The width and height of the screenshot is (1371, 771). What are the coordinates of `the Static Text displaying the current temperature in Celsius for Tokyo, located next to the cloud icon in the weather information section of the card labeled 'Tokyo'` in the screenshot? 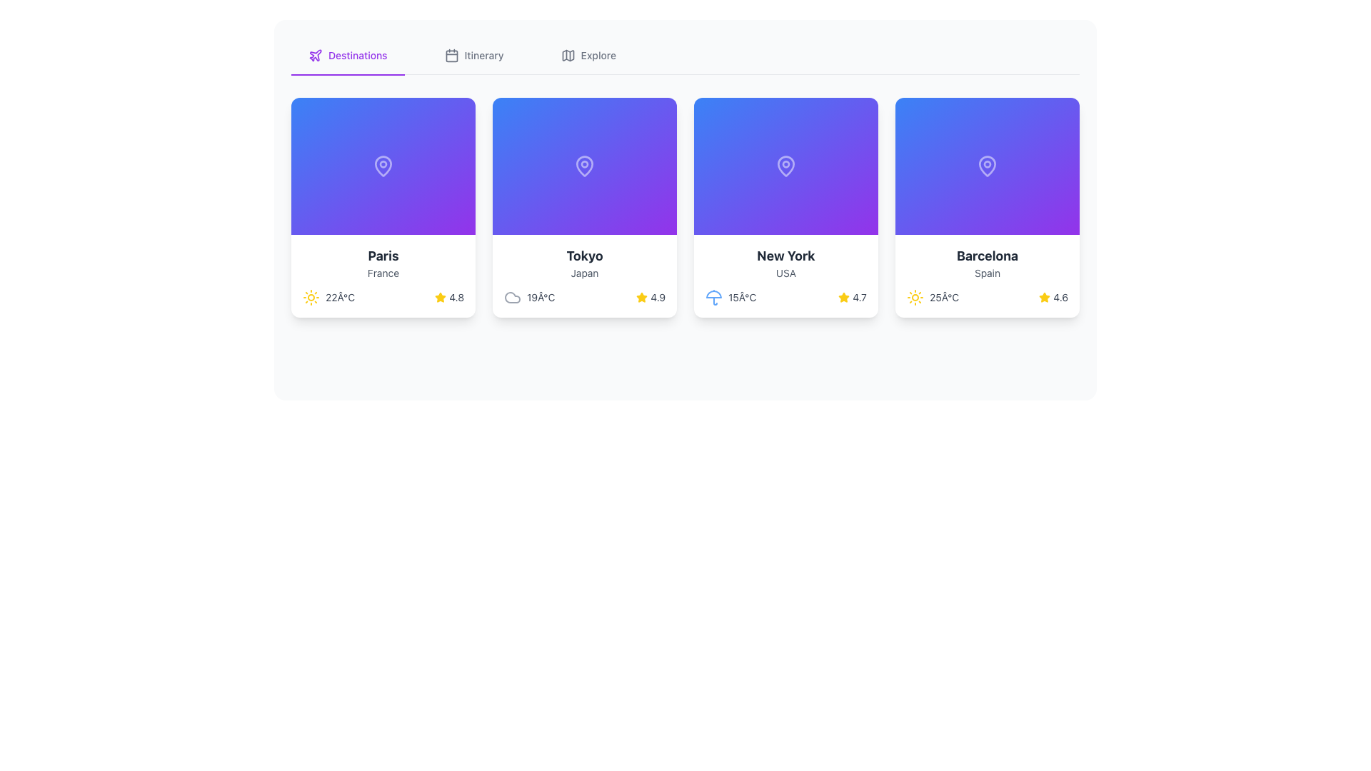 It's located at (540, 296).